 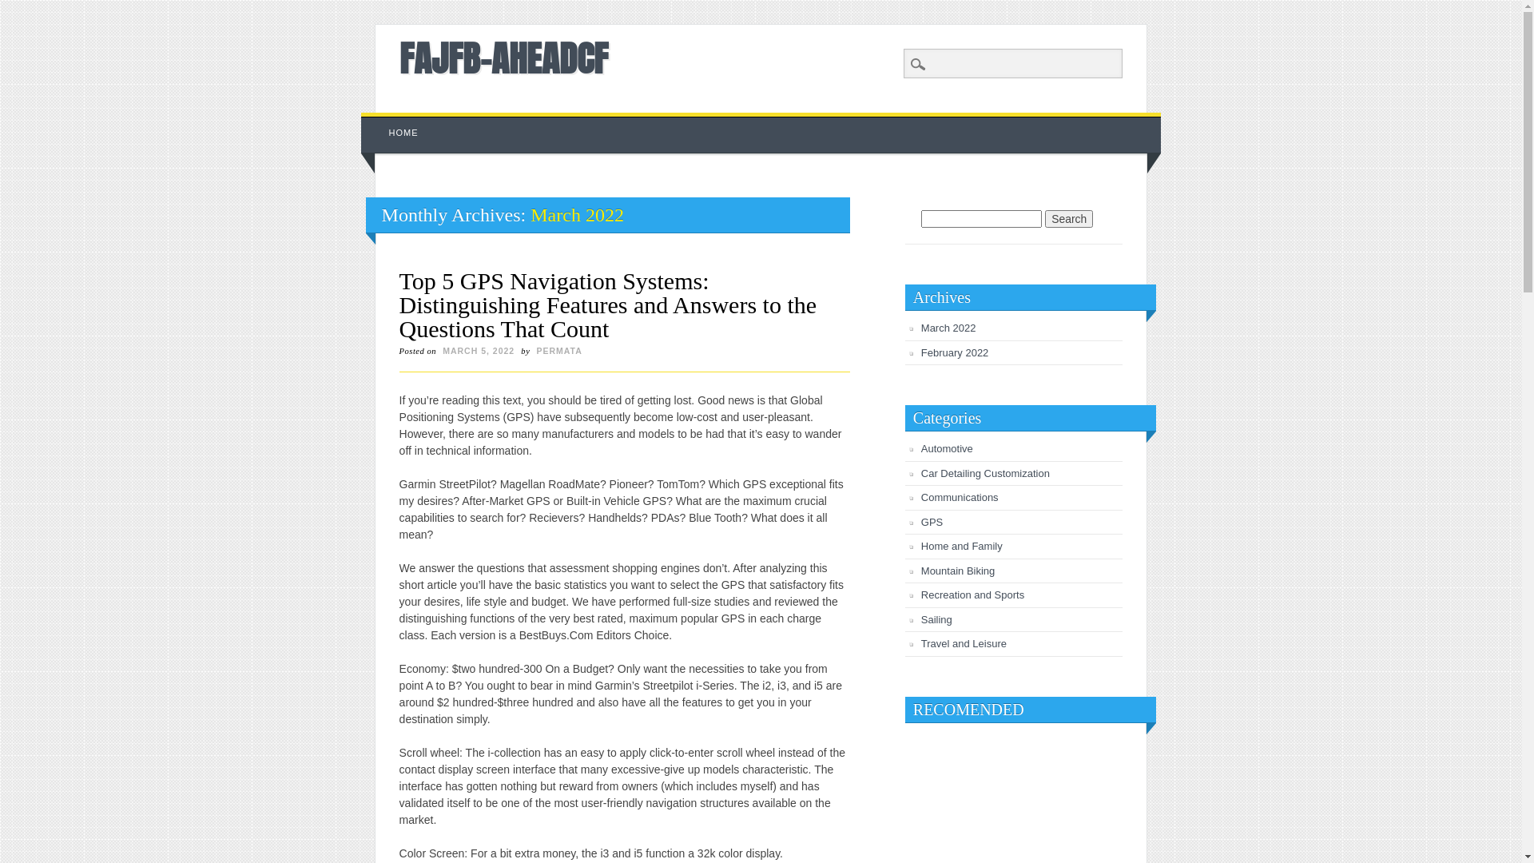 I want to click on 'Search', so click(x=23, y=9).